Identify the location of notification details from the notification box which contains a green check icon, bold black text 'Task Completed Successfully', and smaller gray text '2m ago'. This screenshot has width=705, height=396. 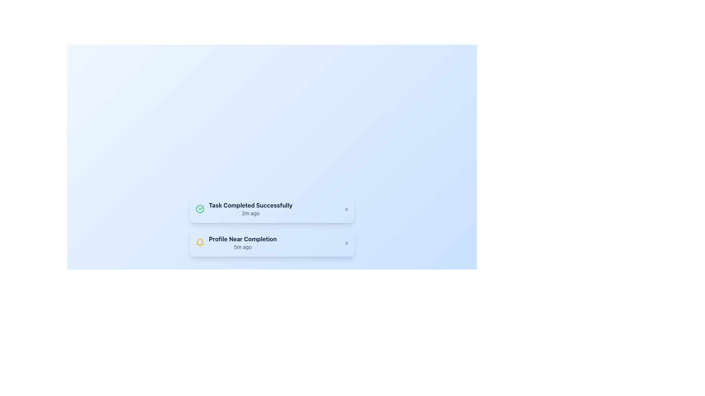
(271, 209).